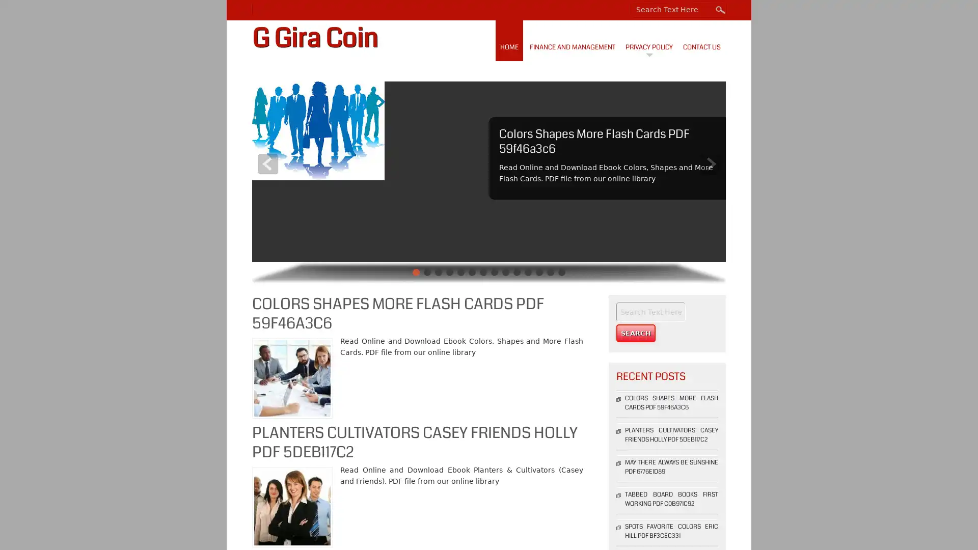  I want to click on Search, so click(635, 333).